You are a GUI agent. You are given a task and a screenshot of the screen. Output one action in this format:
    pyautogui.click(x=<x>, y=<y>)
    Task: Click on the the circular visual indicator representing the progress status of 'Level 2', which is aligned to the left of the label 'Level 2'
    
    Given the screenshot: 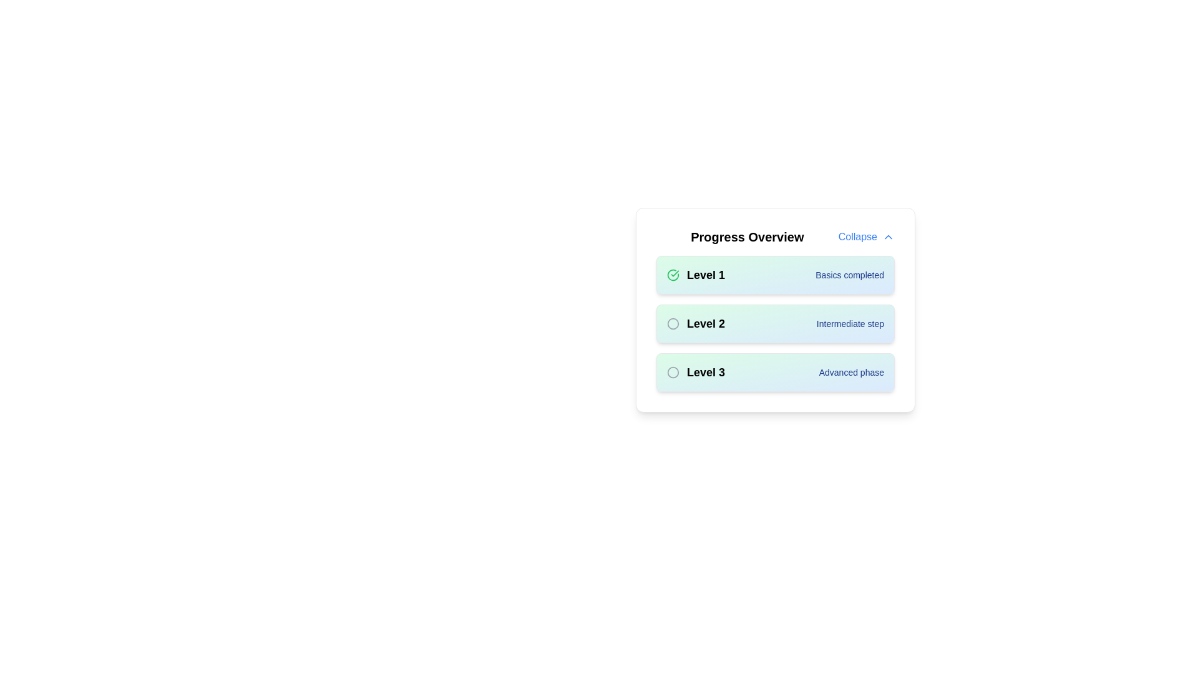 What is the action you would take?
    pyautogui.click(x=673, y=322)
    